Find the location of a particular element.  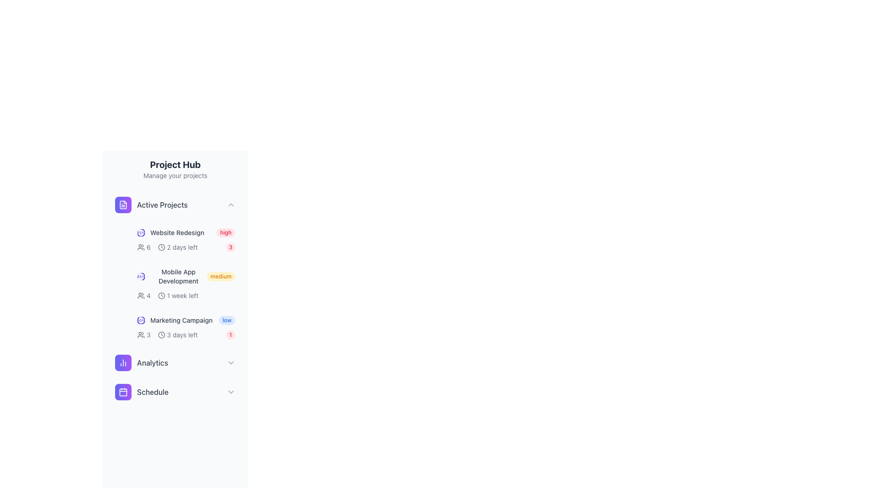

text '2 days left' associated with the clock icon in the 'Active Projects' section of the 'Website Redesign' project details is located at coordinates (167, 247).